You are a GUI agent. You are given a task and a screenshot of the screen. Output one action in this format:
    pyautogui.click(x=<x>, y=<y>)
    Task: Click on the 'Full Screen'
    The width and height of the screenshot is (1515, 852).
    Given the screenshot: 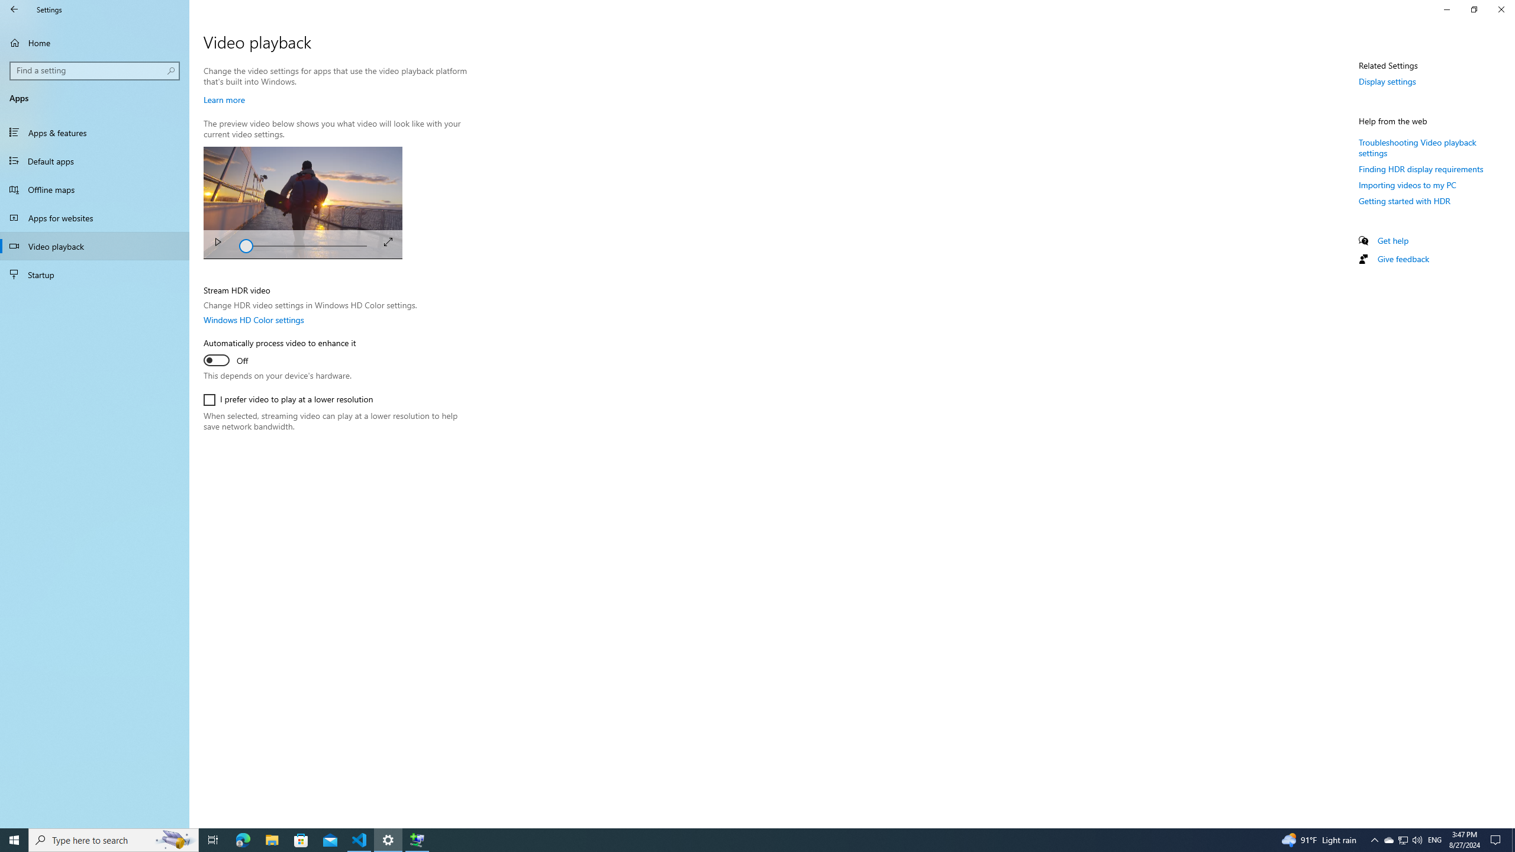 What is the action you would take?
    pyautogui.click(x=388, y=241)
    